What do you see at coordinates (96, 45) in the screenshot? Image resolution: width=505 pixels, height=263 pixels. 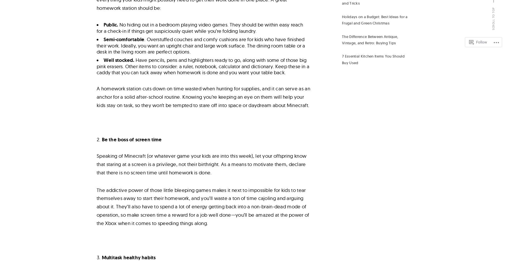 I see `'. Overstuffed couches and comfy cushions are for kids who have finished their work. Ideally, you want an upright chair and large work surface. The dining room table or a desk in the living room are perfect options.'` at bounding box center [96, 45].